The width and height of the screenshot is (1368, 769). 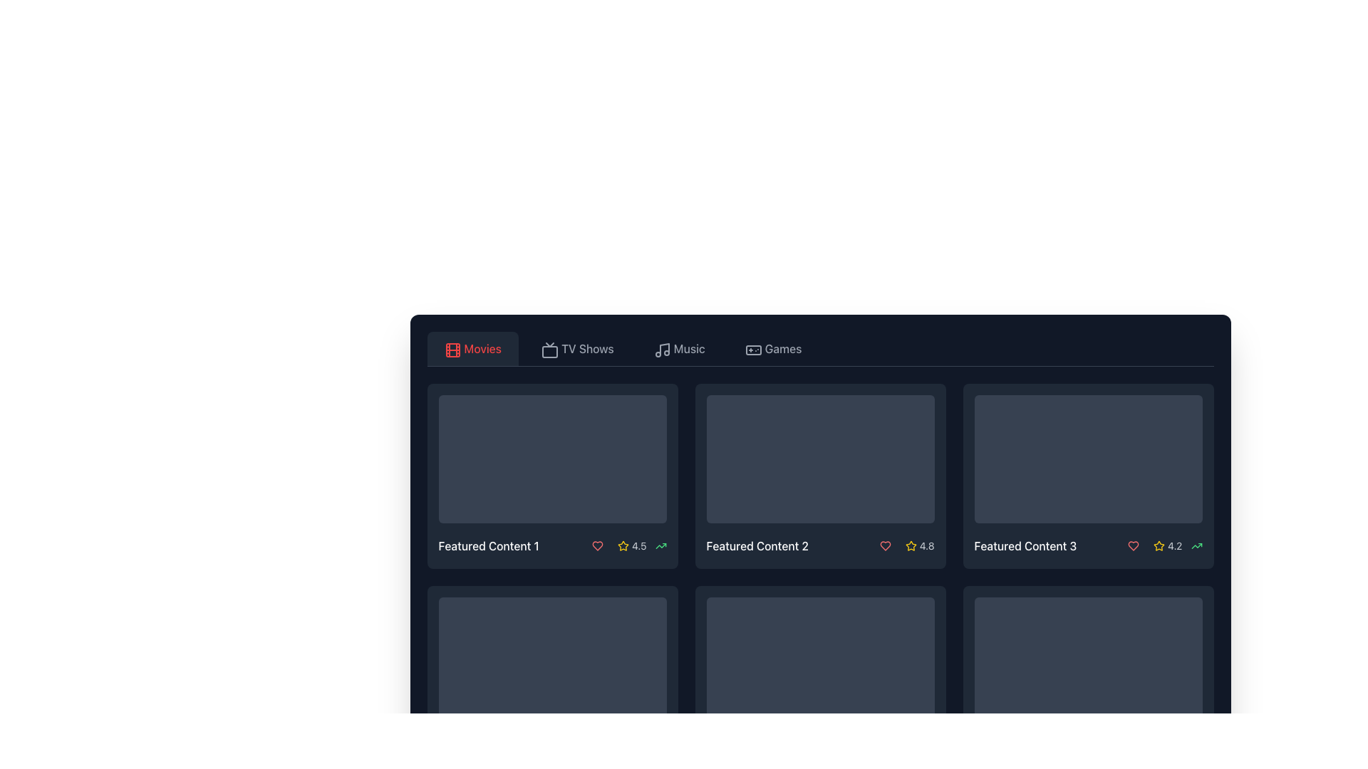 What do you see at coordinates (598, 545) in the screenshot?
I see `the 'like' or 'favourite' vector graphic/icon located under 'Featured Content 1', positioned to the left of the star rating icon` at bounding box center [598, 545].